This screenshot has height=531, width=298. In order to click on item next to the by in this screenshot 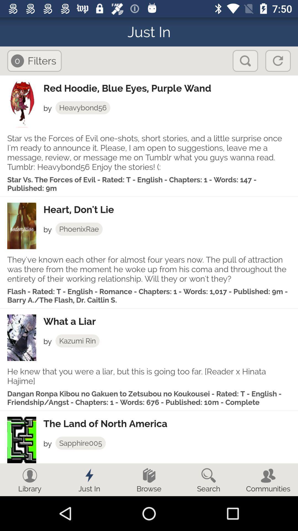, I will do `click(77, 340)`.